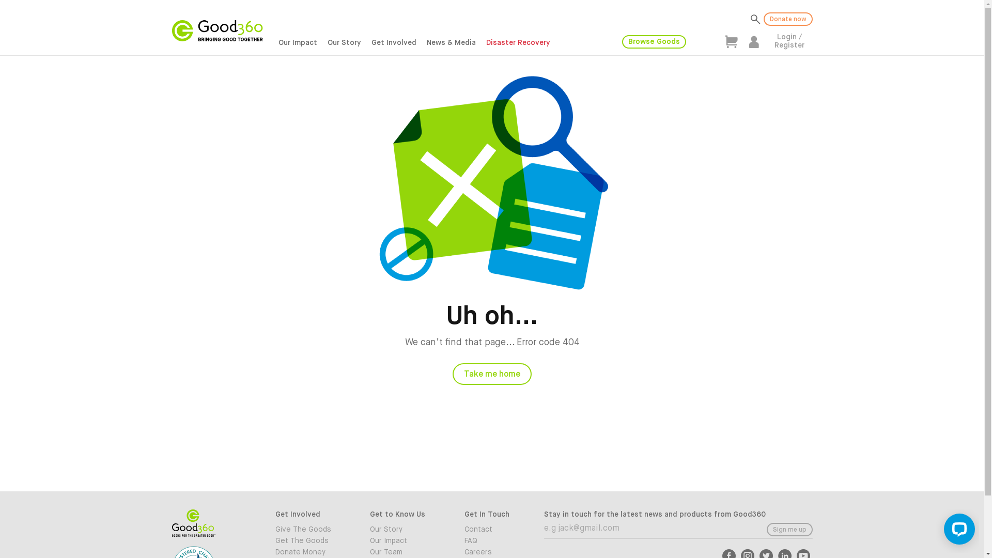 This screenshot has width=992, height=558. What do you see at coordinates (452, 374) in the screenshot?
I see `'Take me home'` at bounding box center [452, 374].